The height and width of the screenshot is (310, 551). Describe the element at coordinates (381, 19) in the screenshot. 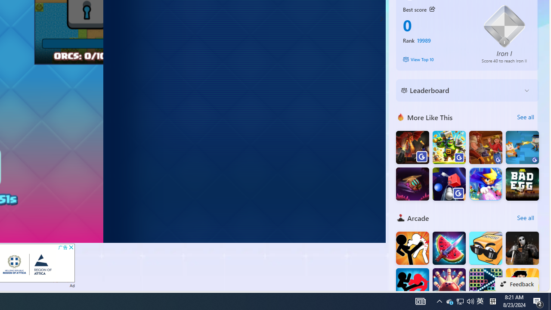

I see `'Class: control'` at that location.